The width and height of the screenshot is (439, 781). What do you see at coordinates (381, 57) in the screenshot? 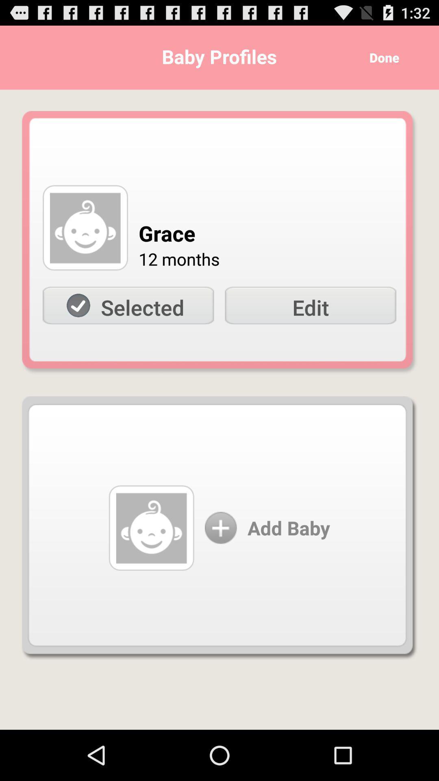
I see `item to the right of the baby profiles` at bounding box center [381, 57].